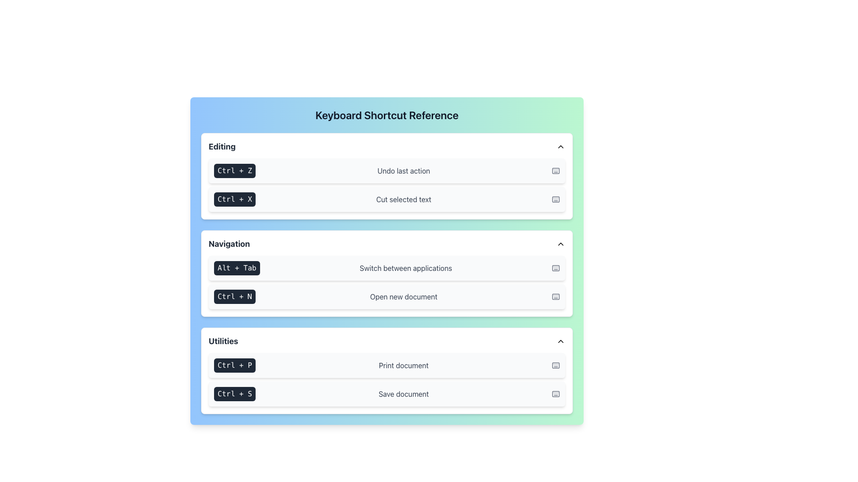 This screenshot has width=858, height=482. What do you see at coordinates (555, 170) in the screenshot?
I see `the larger rectangular vector graphic component representing the keyboard icon located in the topmost section of the list under the 'Editing' category` at bounding box center [555, 170].